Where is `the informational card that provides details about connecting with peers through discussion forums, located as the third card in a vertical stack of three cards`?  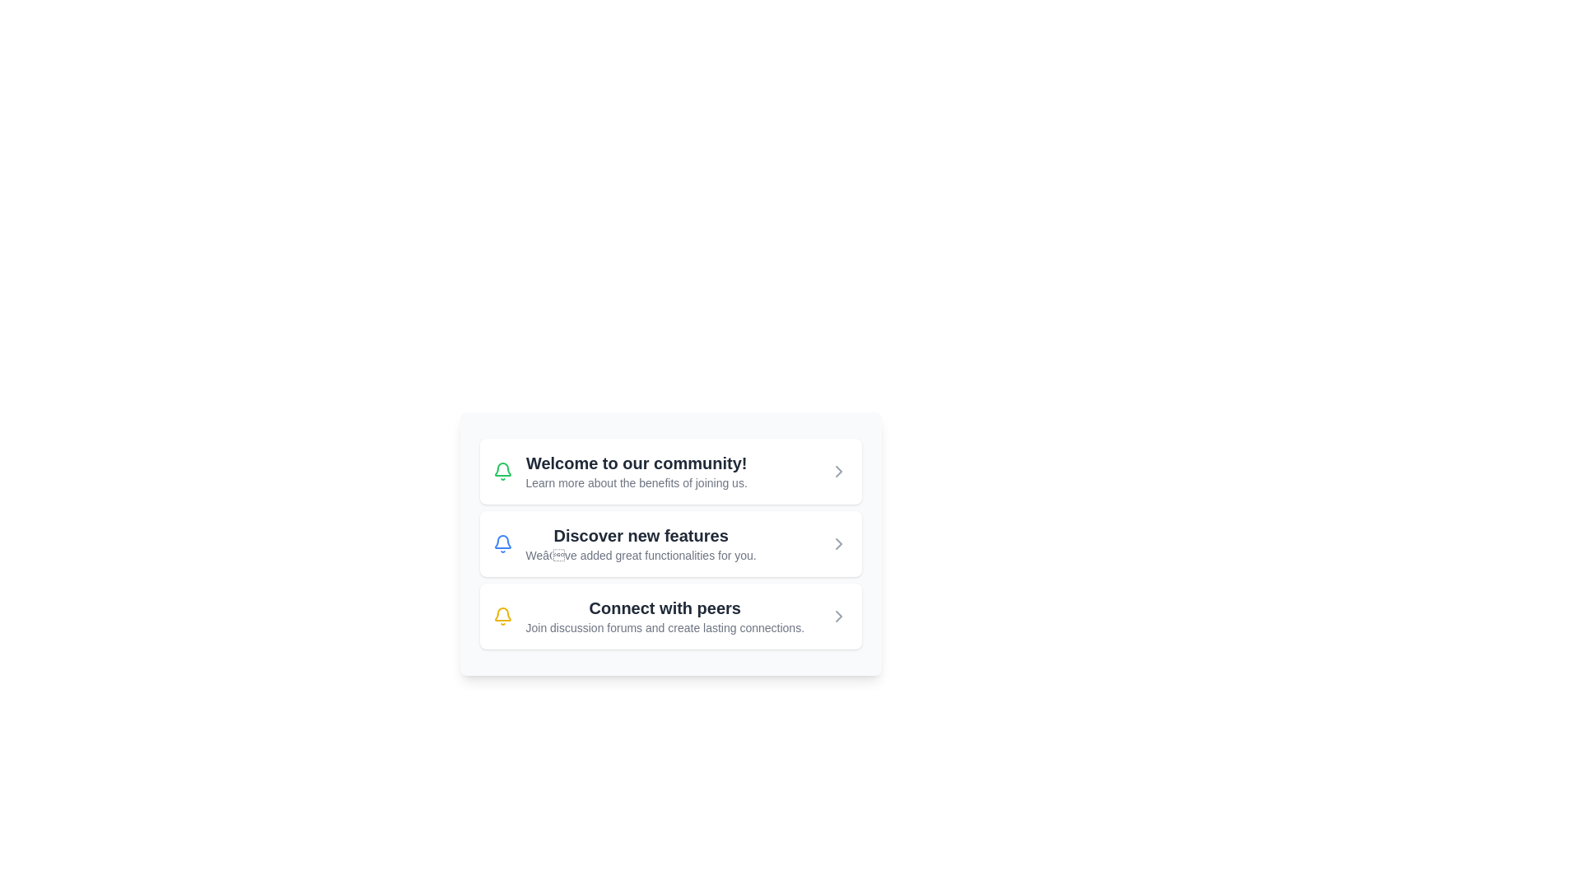
the informational card that provides details about connecting with peers through discussion forums, located as the third card in a vertical stack of three cards is located at coordinates (670, 616).